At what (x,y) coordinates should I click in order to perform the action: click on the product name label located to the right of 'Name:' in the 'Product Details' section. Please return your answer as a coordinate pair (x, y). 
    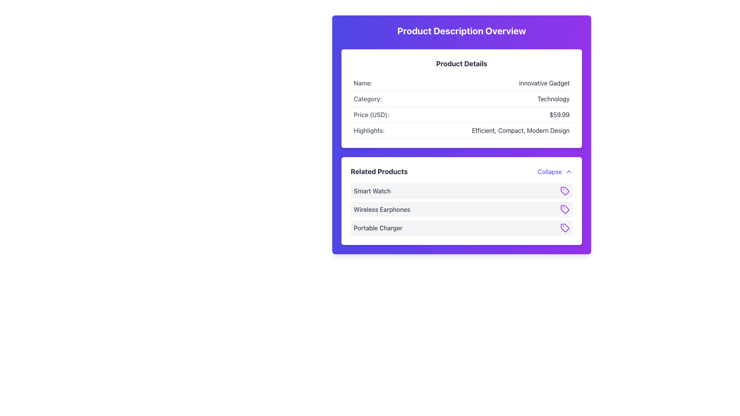
    Looking at the image, I should click on (544, 83).